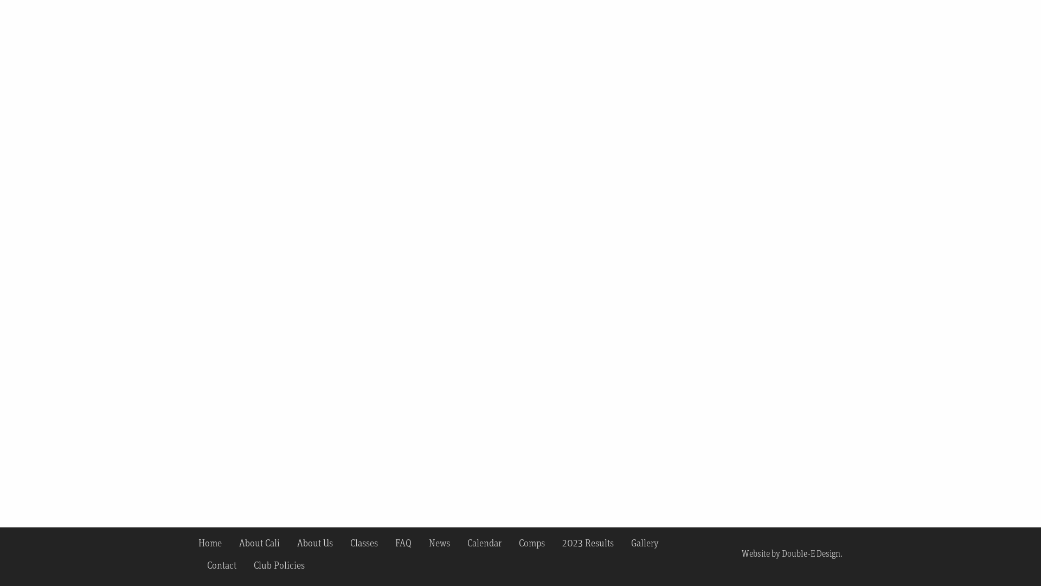  Describe the element at coordinates (439, 542) in the screenshot. I see `'News'` at that location.